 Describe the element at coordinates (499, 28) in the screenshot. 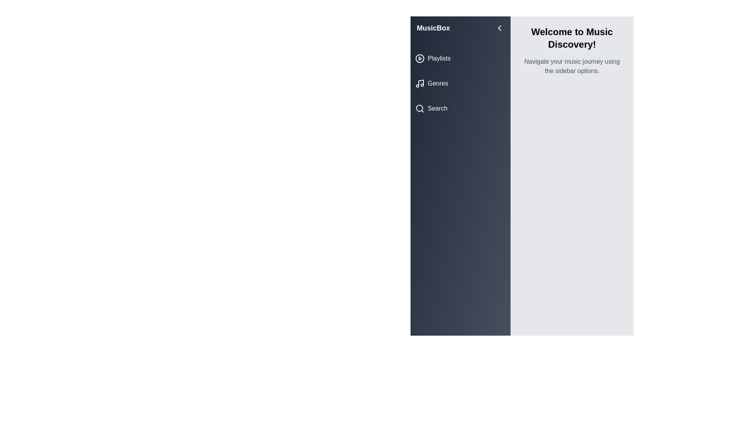

I see `toggle button to toggle the sidebar open or closed` at that location.